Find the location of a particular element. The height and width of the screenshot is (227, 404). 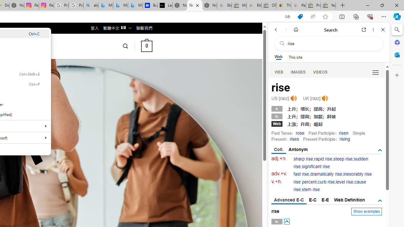

'rises' is located at coordinates (294, 139).